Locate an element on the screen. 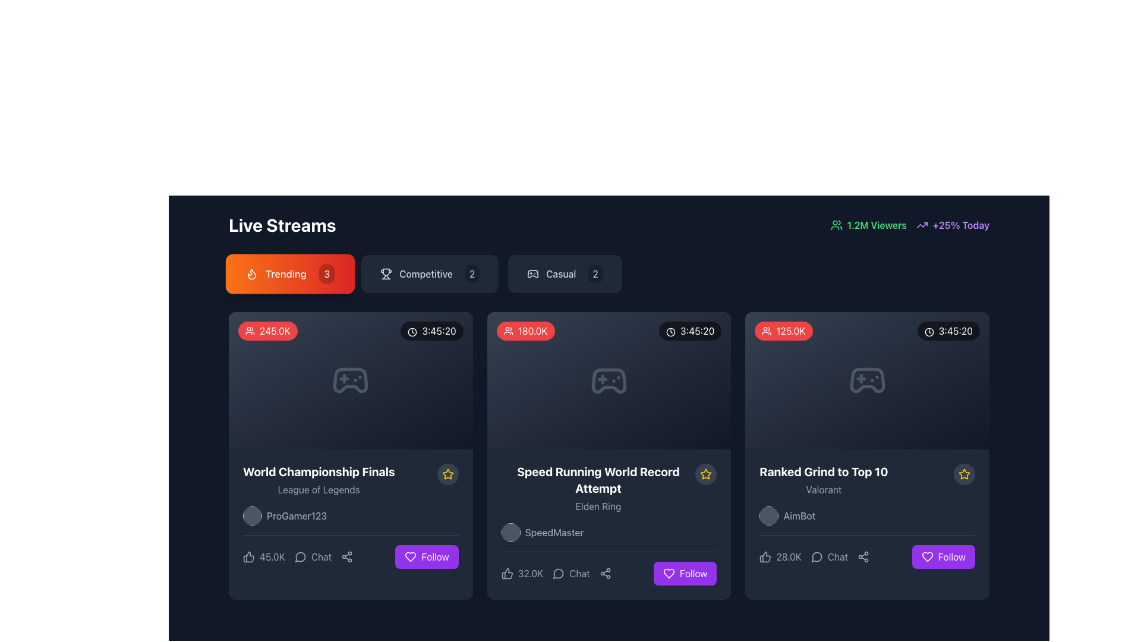 This screenshot has height=642, width=1141. text content of the title and subtitle in the third live stream card, which describes the stream as 'Ranked Grind to Top 10' and the game as 'Valorant' is located at coordinates (823, 479).